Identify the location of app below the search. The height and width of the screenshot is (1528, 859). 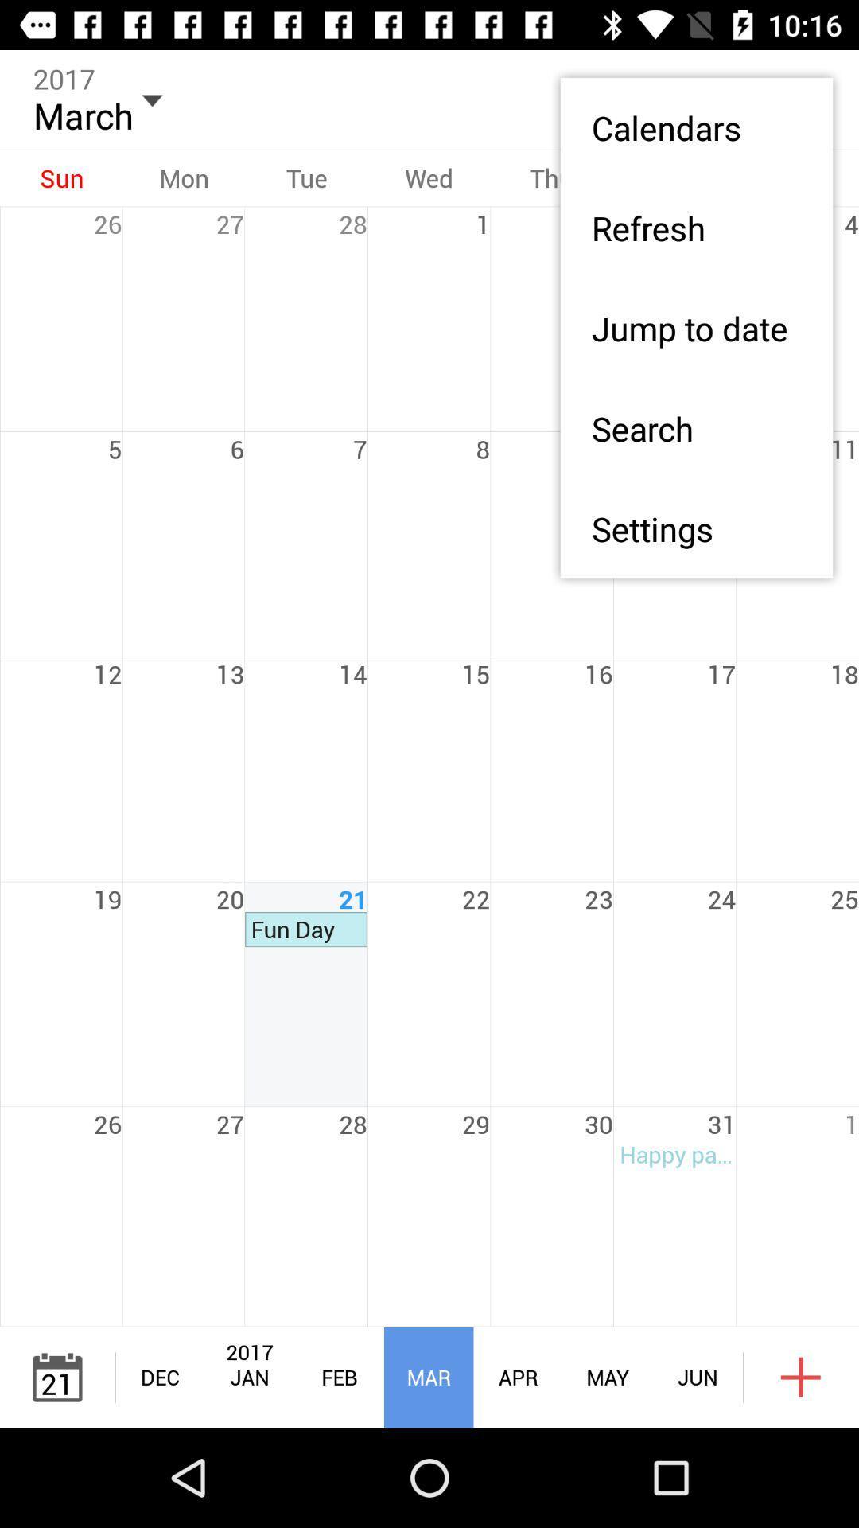
(695, 528).